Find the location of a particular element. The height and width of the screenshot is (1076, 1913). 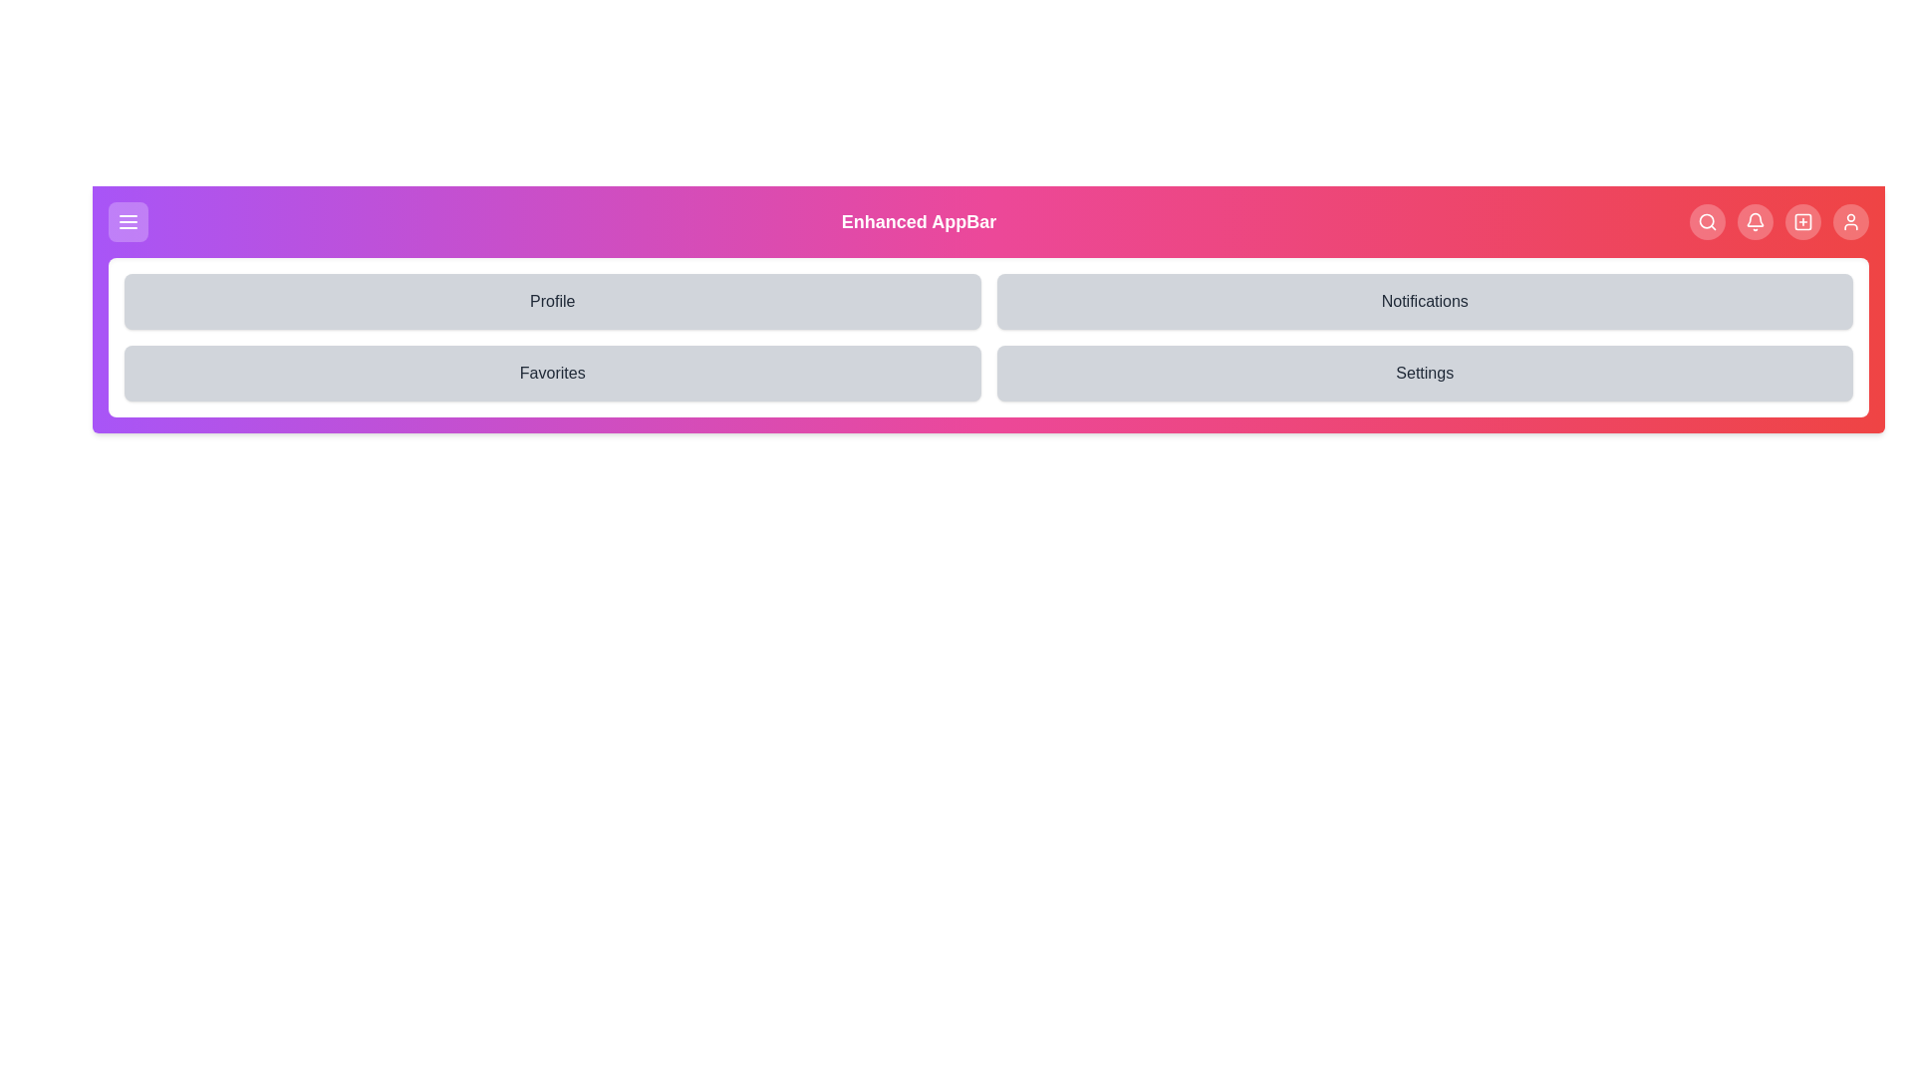

the menu option Favorites is located at coordinates (552, 373).